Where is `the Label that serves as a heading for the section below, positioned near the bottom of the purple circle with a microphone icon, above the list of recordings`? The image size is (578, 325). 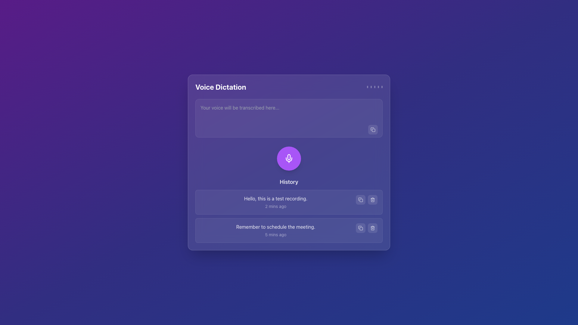
the Label that serves as a heading for the section below, positioned near the bottom of the purple circle with a microphone icon, above the list of recordings is located at coordinates (289, 182).